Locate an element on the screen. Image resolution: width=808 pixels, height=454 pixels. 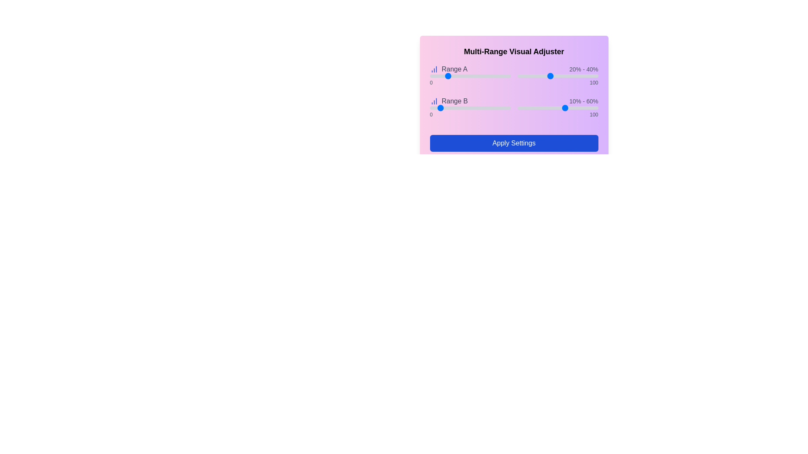
the Label that identifies the range for the interactive slider, located at the top right of the interface, left of the numerical range '20% - 40%' is located at coordinates (448, 69).